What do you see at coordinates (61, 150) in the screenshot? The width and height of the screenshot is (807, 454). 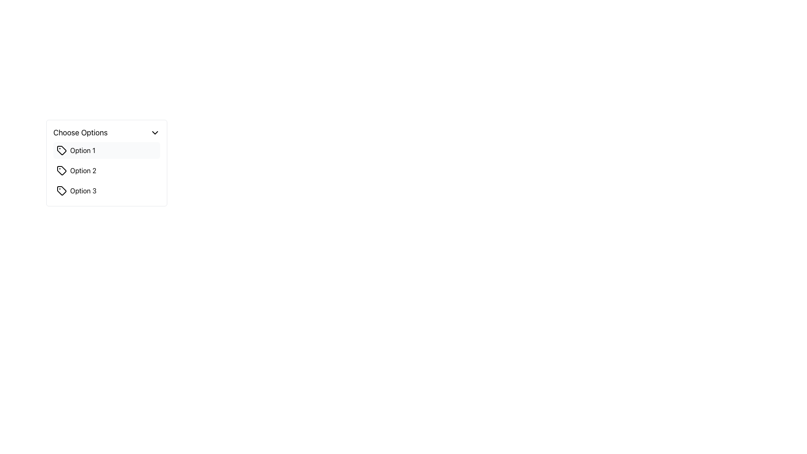 I see `the tag-shaped icon in the first option of the 'Choose Options' dropdown menu, located to the left of 'Option 1'` at bounding box center [61, 150].